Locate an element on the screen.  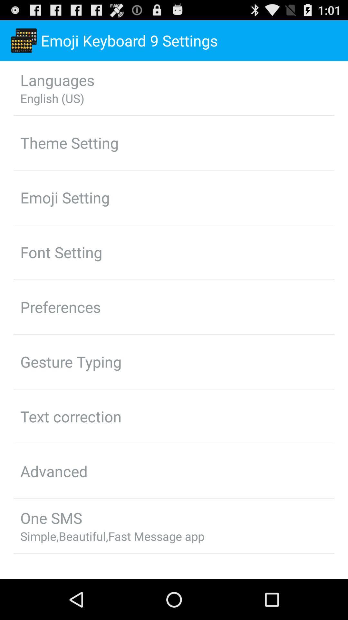
the item above the theme setting item is located at coordinates (52, 98).